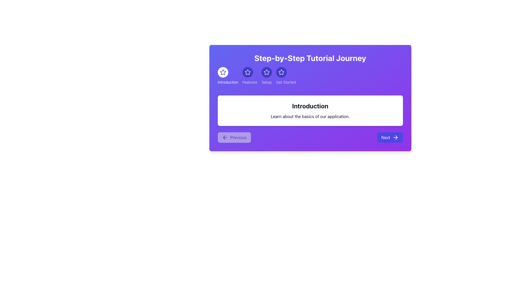 This screenshot has height=284, width=505. I want to click on the downward-pointing triangular arrow icon located in the bottom-left corner of the interface, which is part of the navigation area associated with the 'Previous' button, so click(224, 137).